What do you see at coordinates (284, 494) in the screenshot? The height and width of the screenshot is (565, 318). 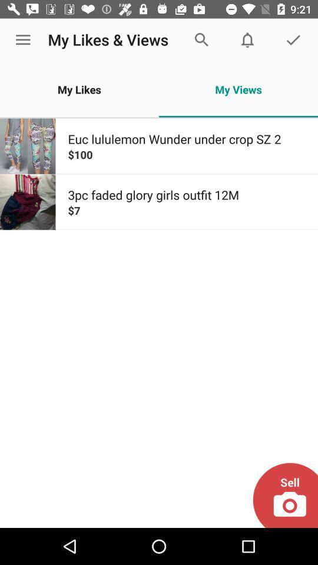 I see `capture the image to sell product open camera for taking image of selling product` at bounding box center [284, 494].